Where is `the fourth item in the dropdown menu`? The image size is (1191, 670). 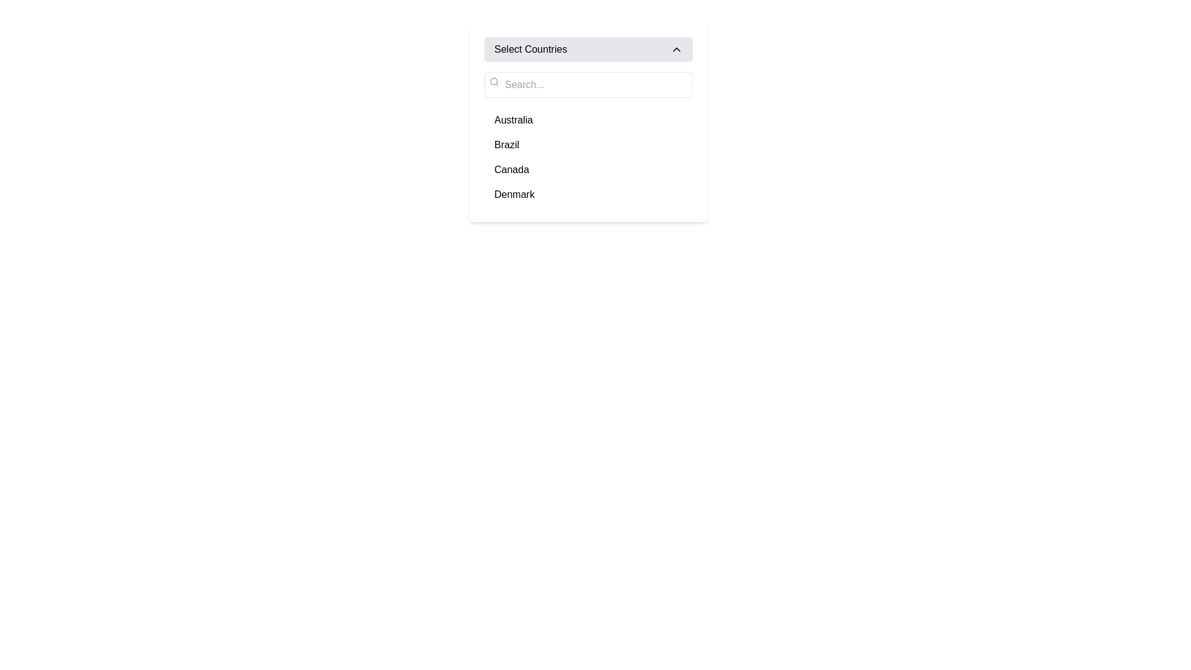
the fourth item in the dropdown menu is located at coordinates (514, 194).